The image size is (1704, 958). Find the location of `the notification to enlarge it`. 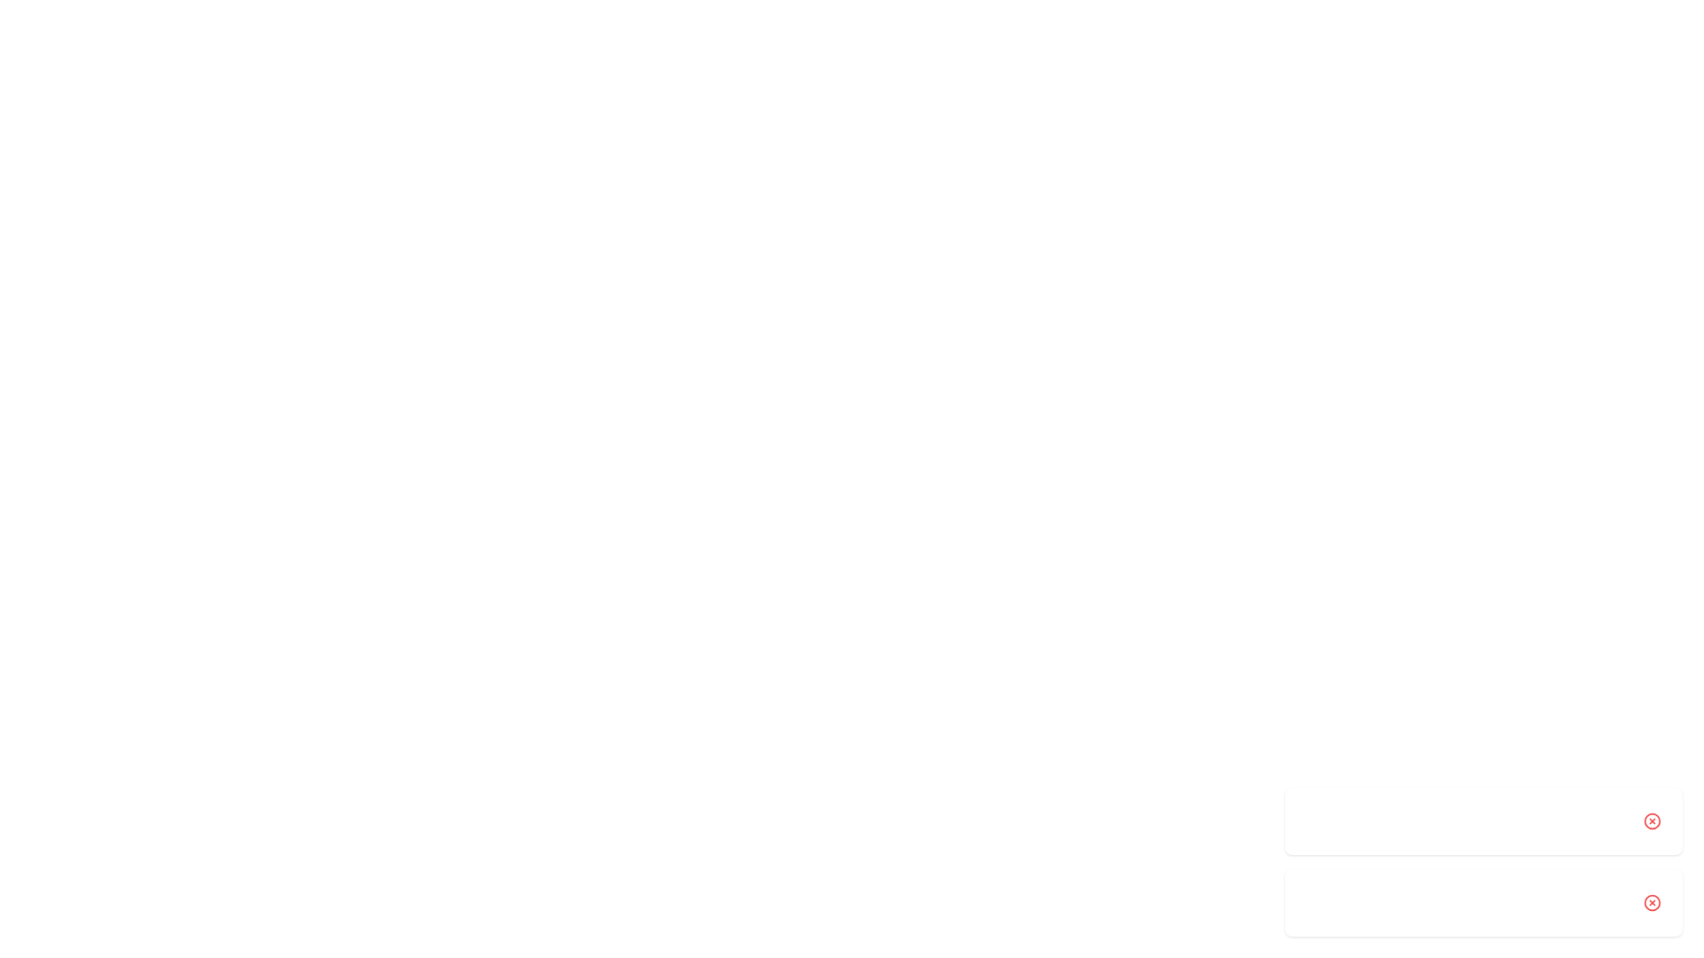

the notification to enlarge it is located at coordinates (1483, 821).